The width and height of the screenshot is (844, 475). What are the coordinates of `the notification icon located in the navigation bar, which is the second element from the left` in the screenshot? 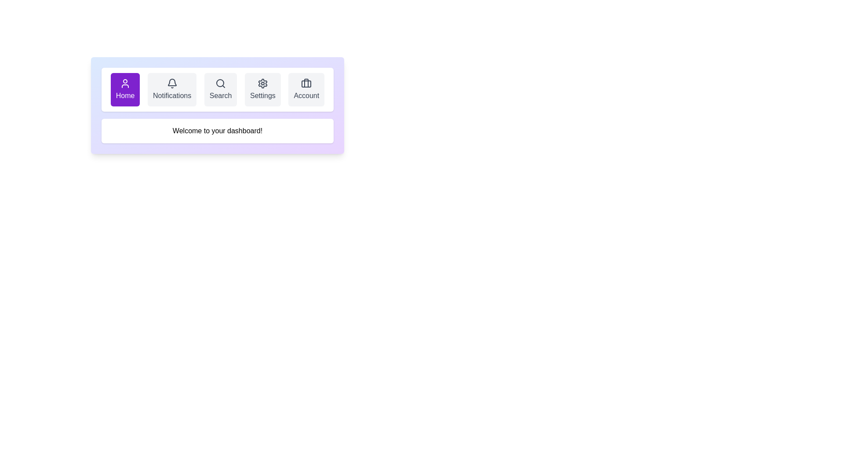 It's located at (172, 83).